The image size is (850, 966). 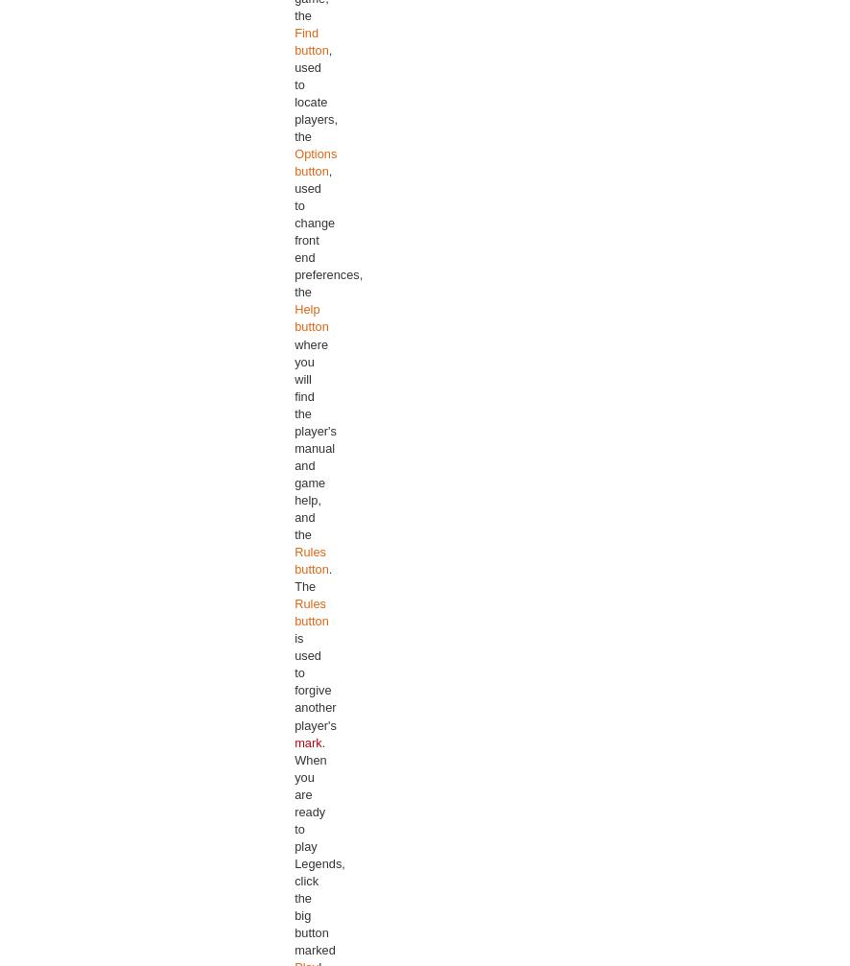 What do you see at coordinates (315, 92) in the screenshot?
I see `', used to locate players, the'` at bounding box center [315, 92].